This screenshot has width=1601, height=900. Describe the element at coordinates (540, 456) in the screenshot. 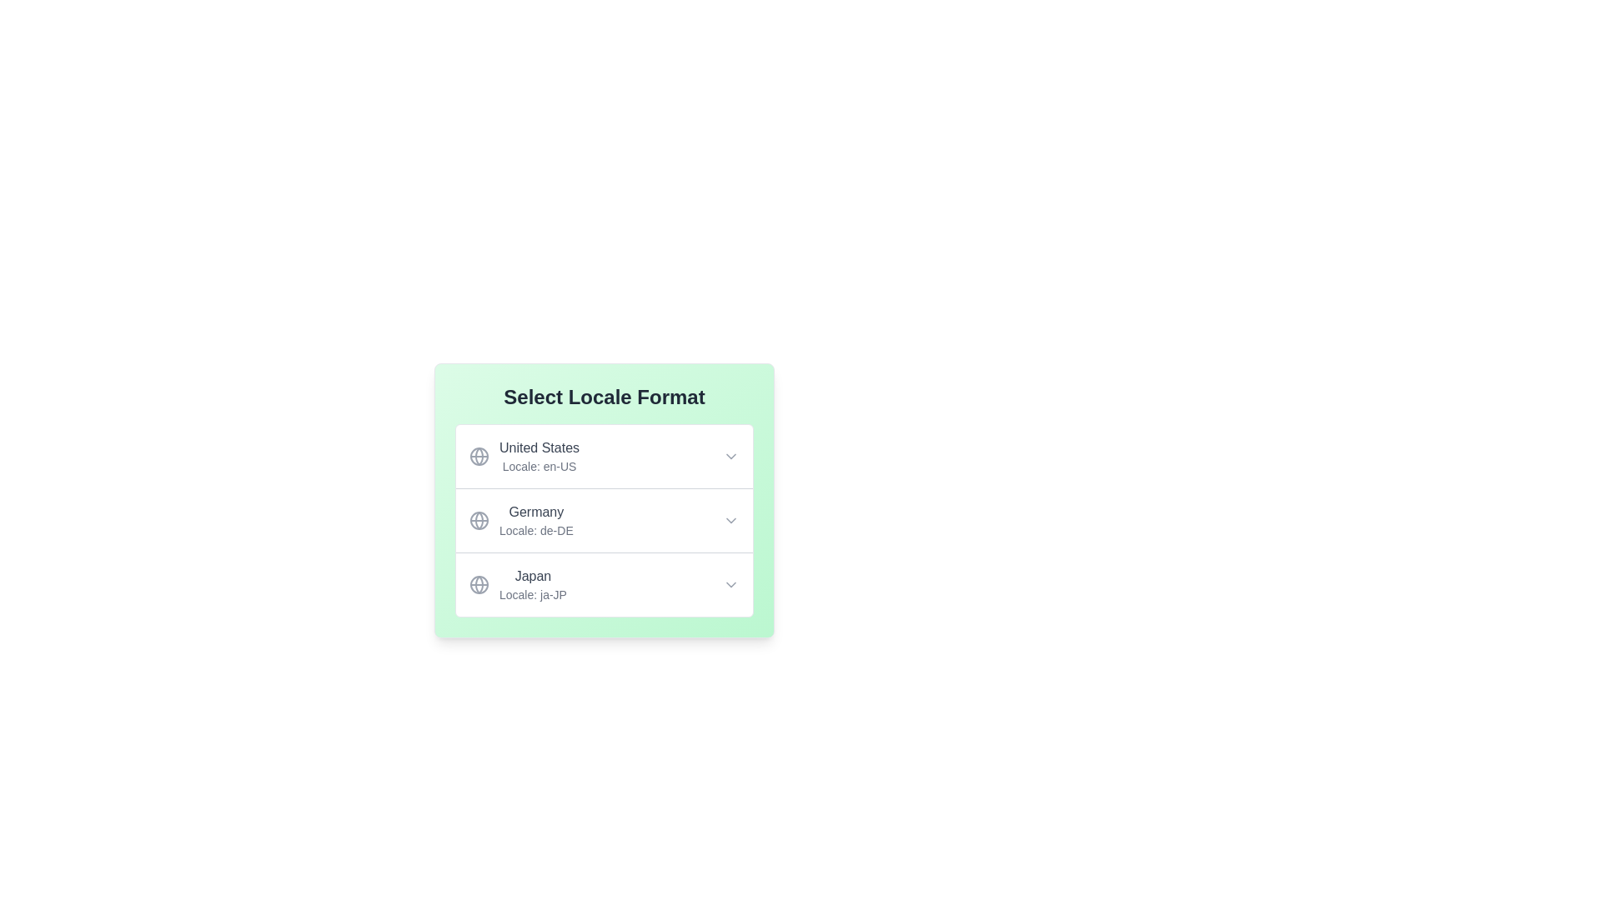

I see `text label displaying 'United States' and 'Locale: en-US' to understand the locale information` at that location.